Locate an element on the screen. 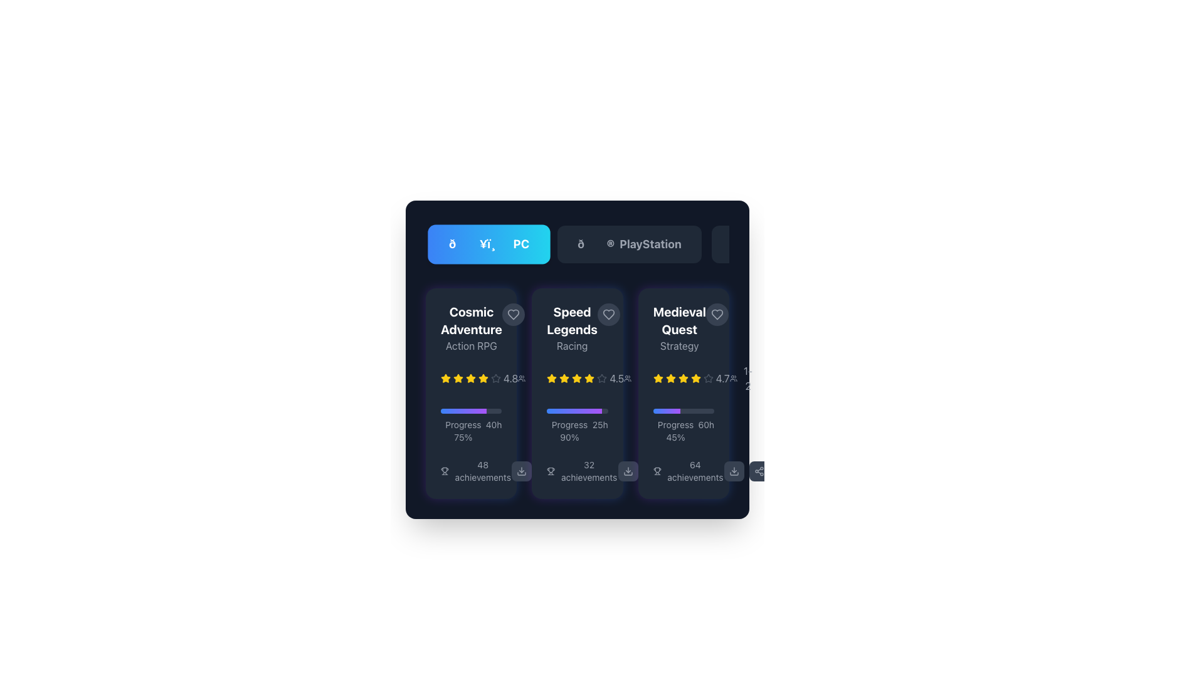 The height and width of the screenshot is (677, 1204). the static text element displaying the numerical rating '4.5', which is styled in light-gray and positioned to the right of a row of star icons in the 'Speed Legends' card is located at coordinates (616, 378).